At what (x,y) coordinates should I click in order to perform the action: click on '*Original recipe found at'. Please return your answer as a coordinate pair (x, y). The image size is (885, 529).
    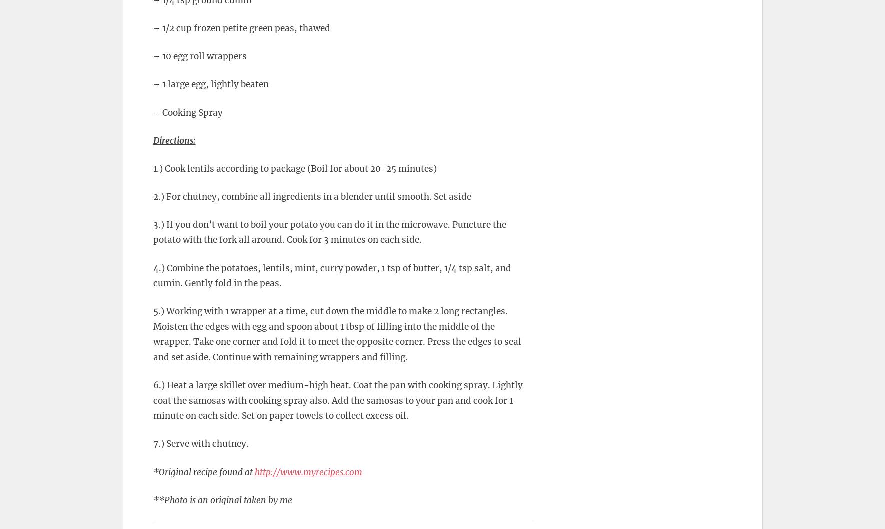
    Looking at the image, I should click on (203, 471).